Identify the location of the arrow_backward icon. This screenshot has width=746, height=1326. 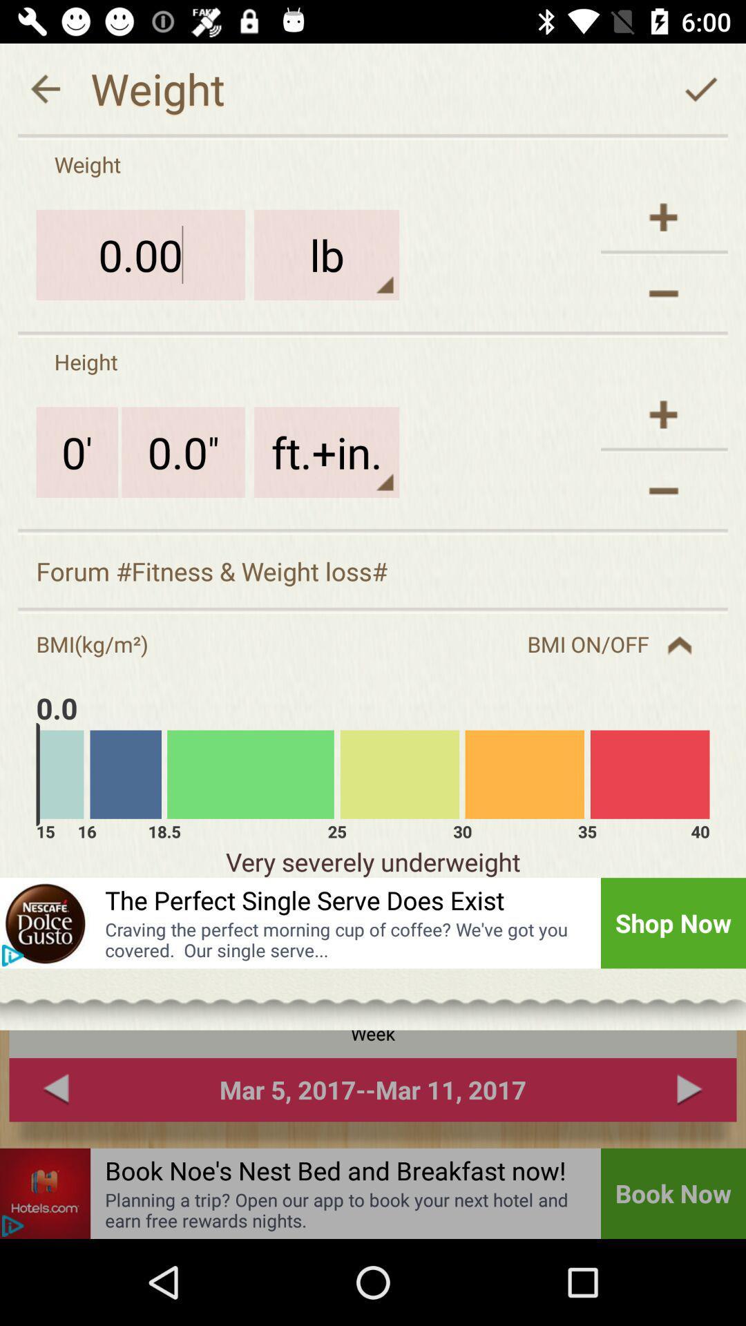
(44, 88).